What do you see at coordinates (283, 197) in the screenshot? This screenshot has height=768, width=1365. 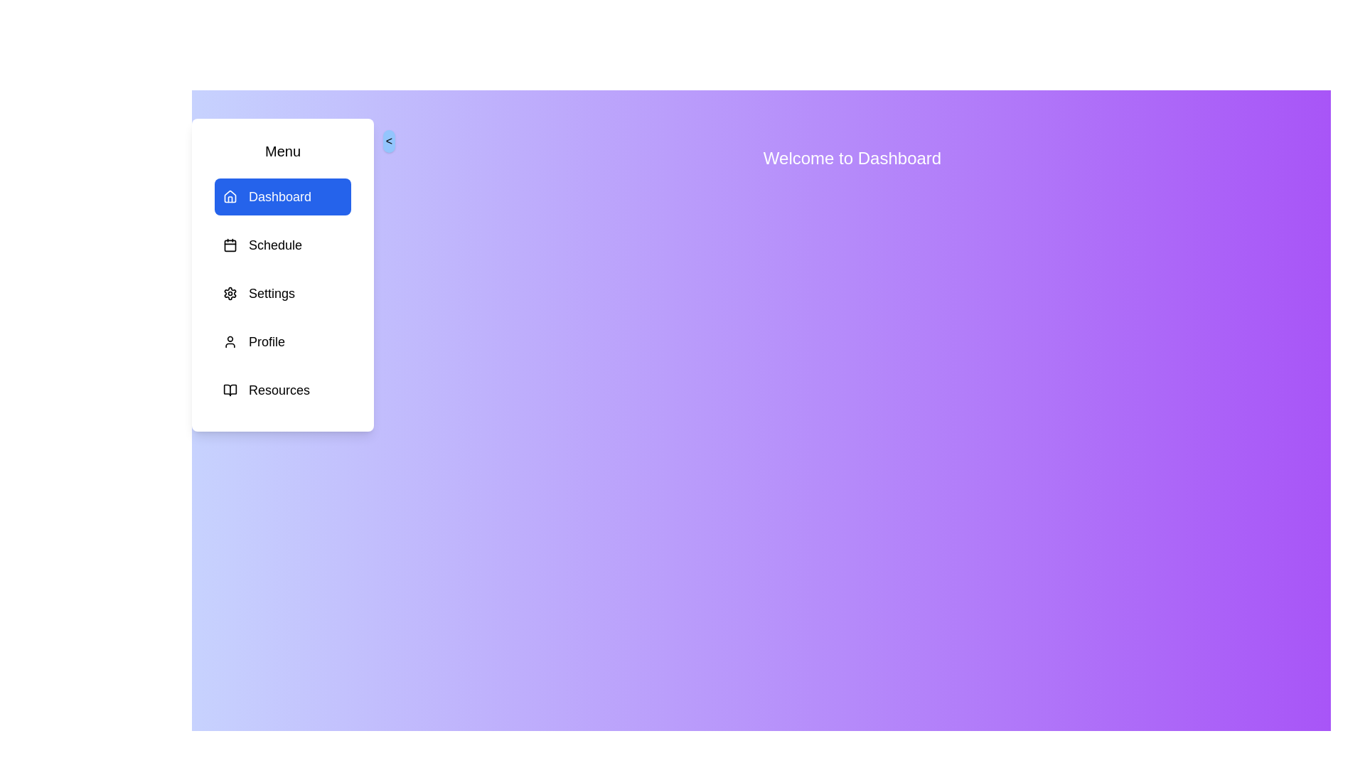 I see `the menu item Dashboard to navigate to its respective page` at bounding box center [283, 197].